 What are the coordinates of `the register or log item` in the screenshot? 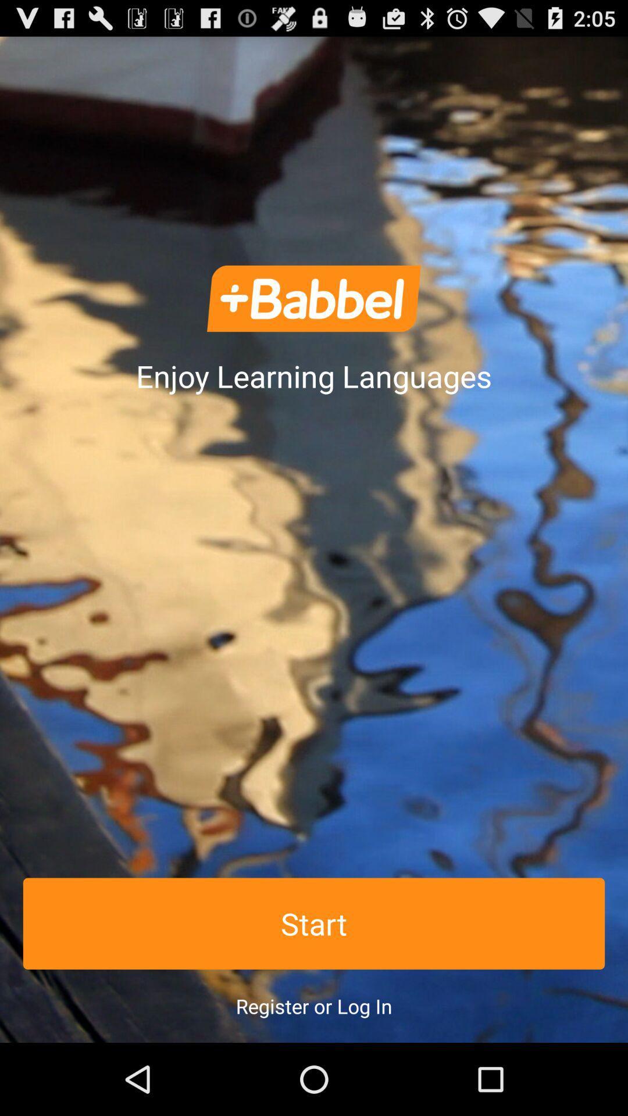 It's located at (314, 1006).